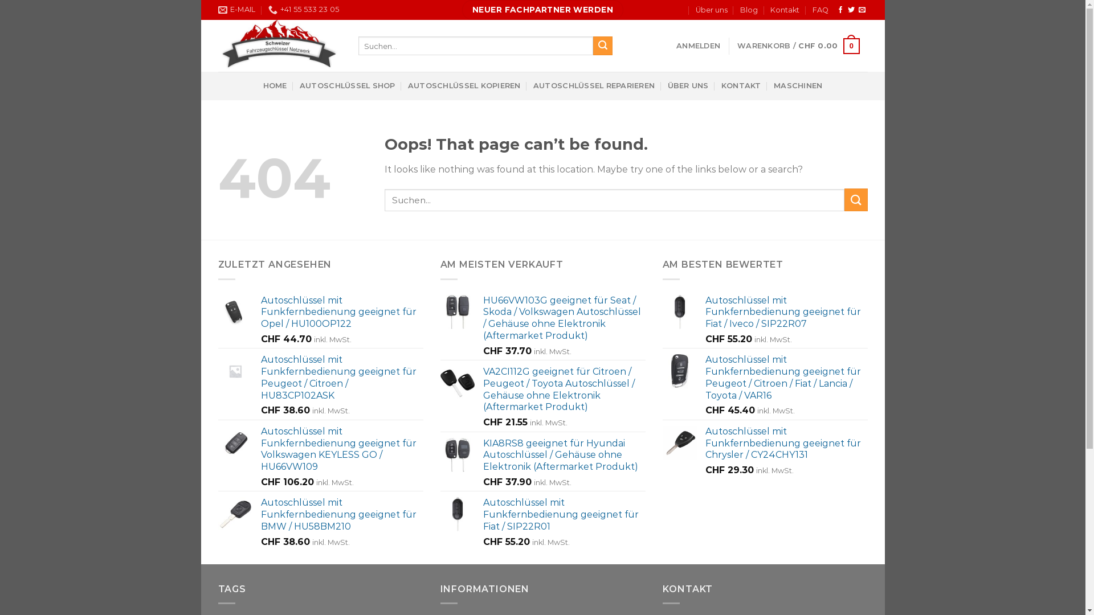 The image size is (1094, 615). What do you see at coordinates (851, 10) in the screenshot?
I see `'Auf Twitter folgen'` at bounding box center [851, 10].